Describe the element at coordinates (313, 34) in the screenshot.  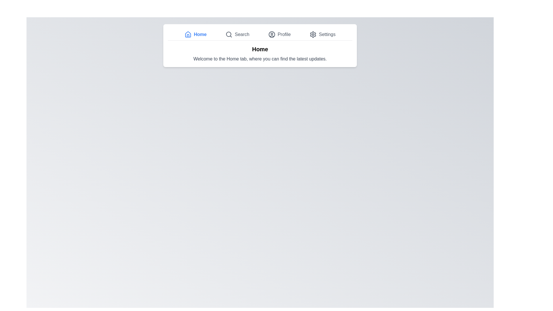
I see `the 'Settings' icon button located as the rightmost icon in the top horizontal navigation bar` at that location.